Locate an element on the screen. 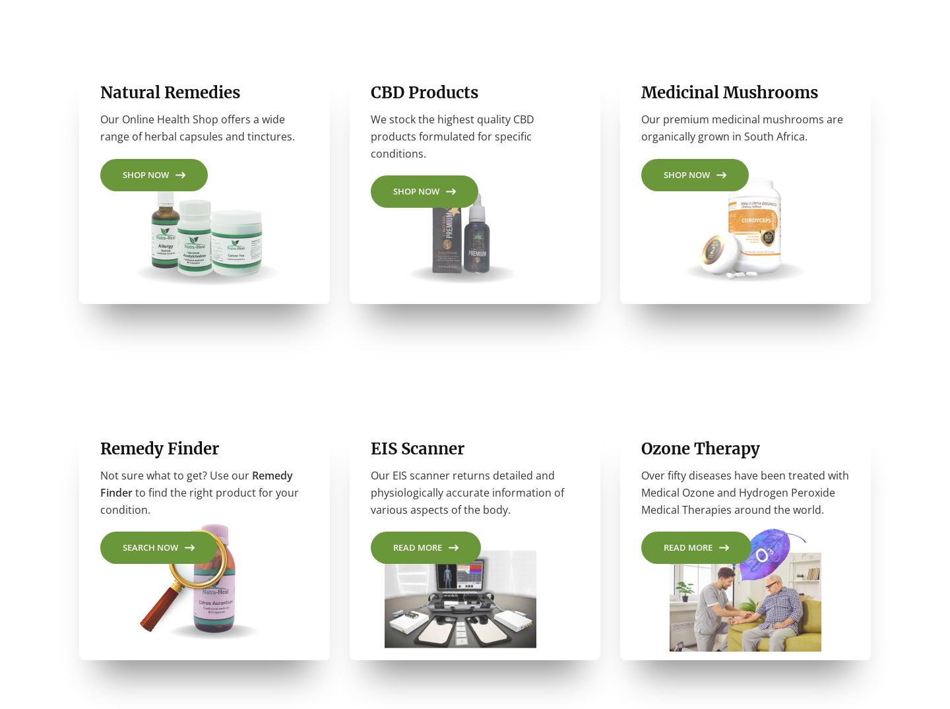 The image size is (950, 709). 'Natural Remedies' is located at coordinates (100, 98).